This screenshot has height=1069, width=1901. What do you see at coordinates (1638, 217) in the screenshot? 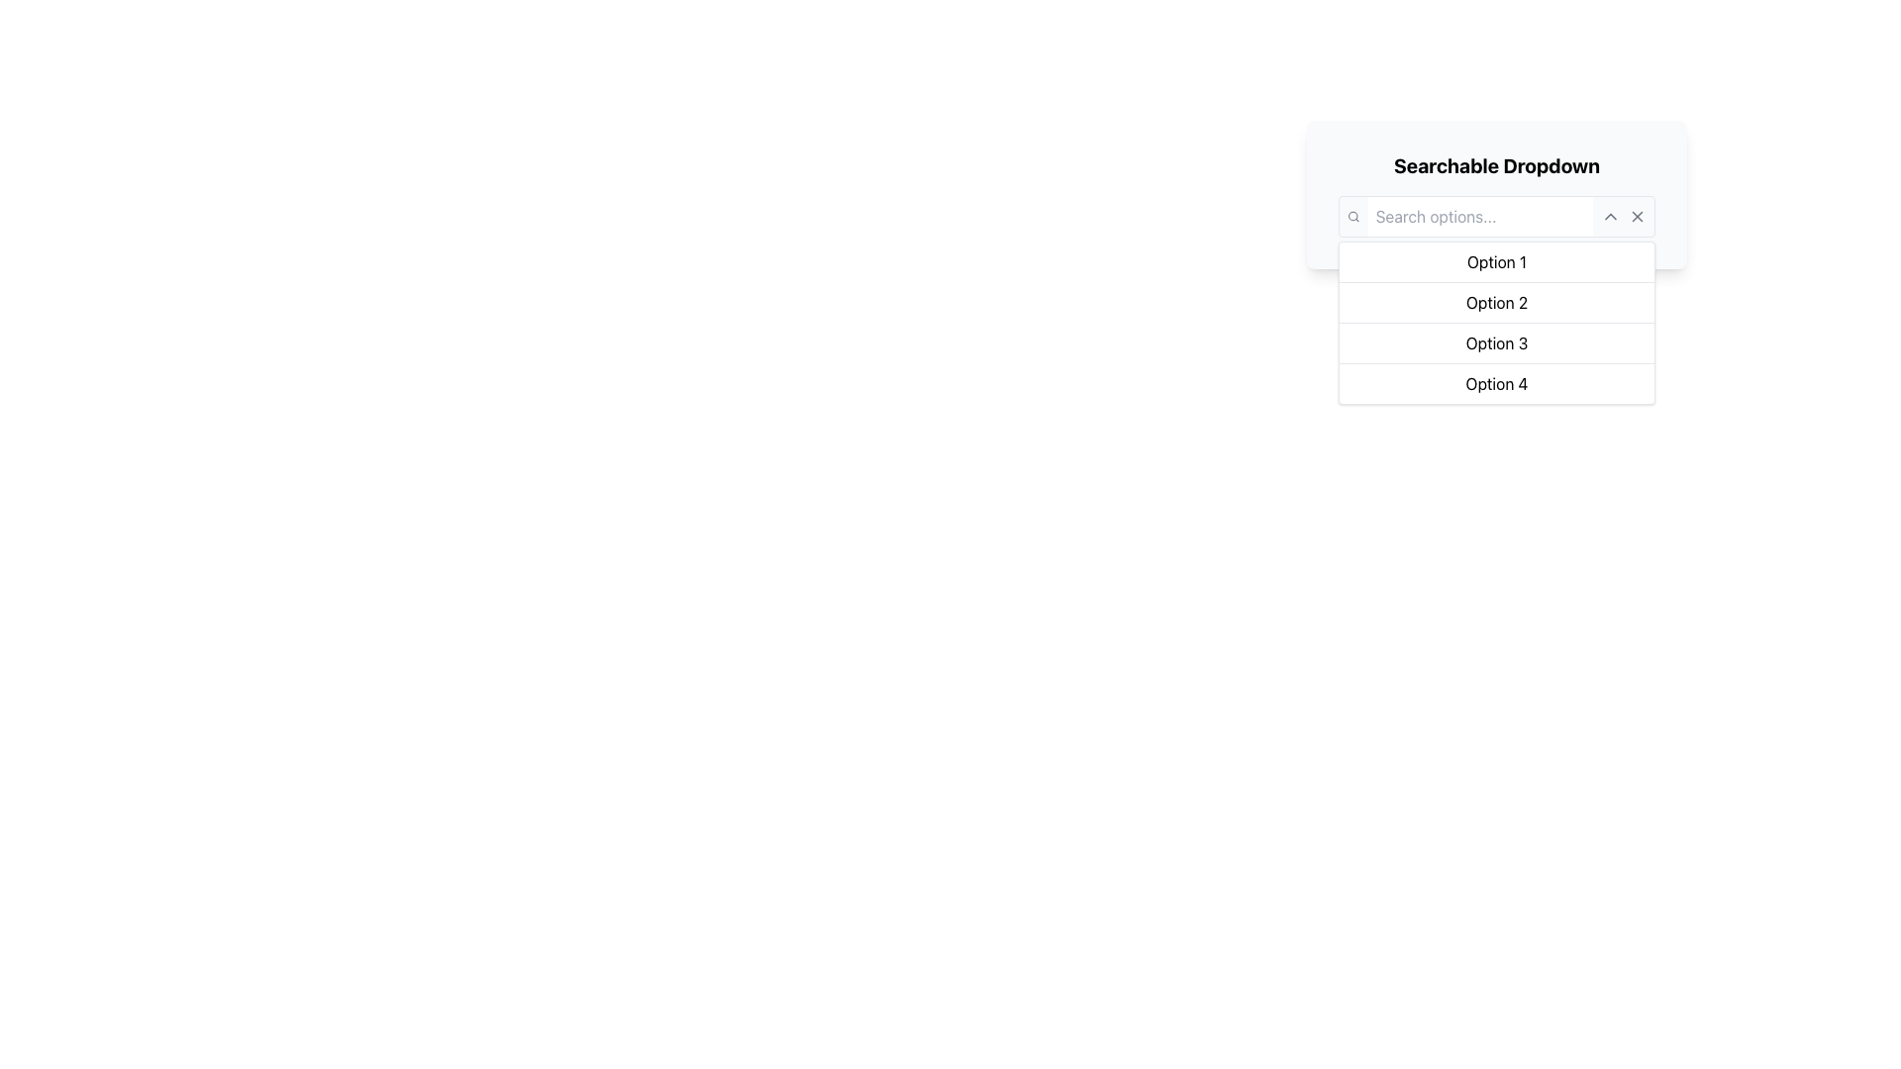
I see `the gray diagonal cross ('X') icon located in the top-right corner of the dropdown menu` at bounding box center [1638, 217].